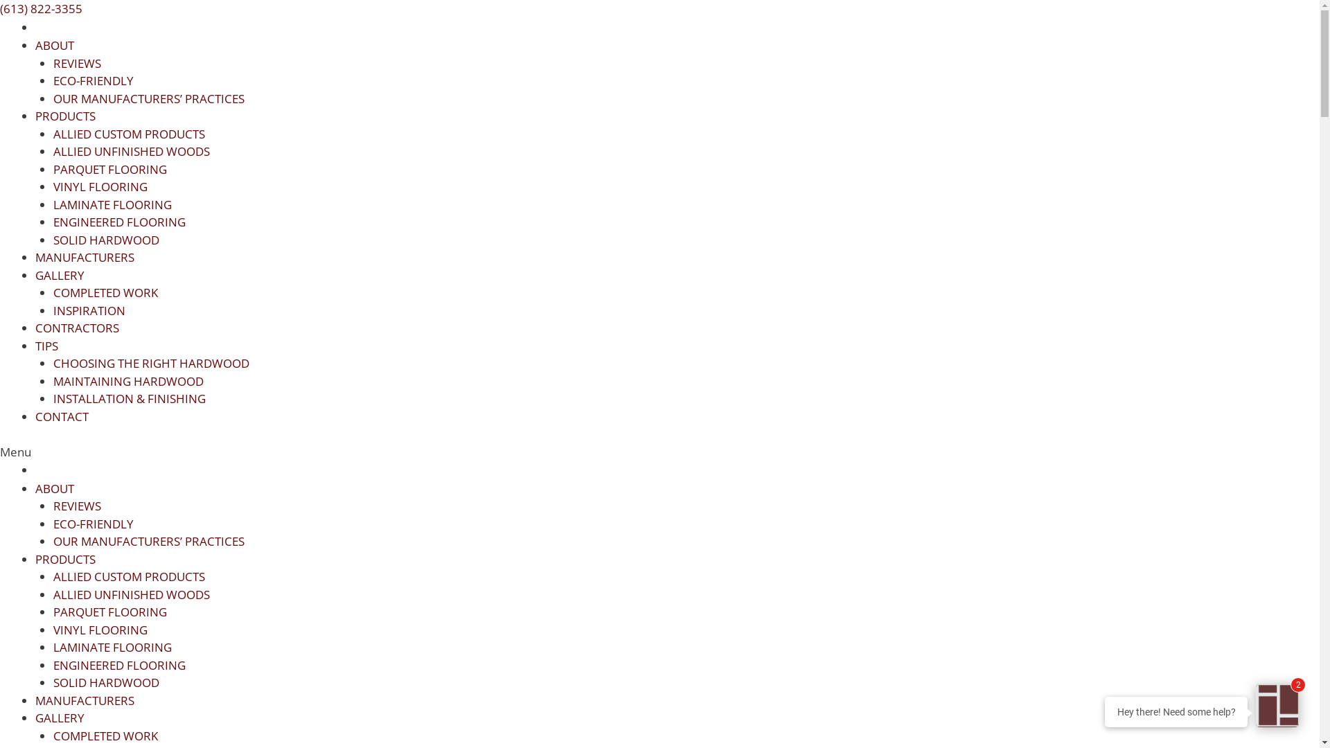 This screenshot has height=748, width=1330. What do you see at coordinates (53, 309) in the screenshot?
I see `'INSPIRATION'` at bounding box center [53, 309].